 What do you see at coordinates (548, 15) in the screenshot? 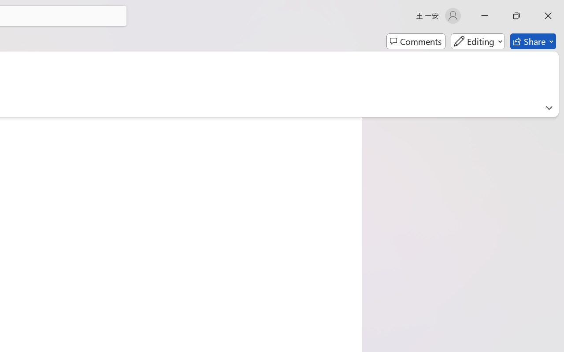
I see `'Close'` at bounding box center [548, 15].